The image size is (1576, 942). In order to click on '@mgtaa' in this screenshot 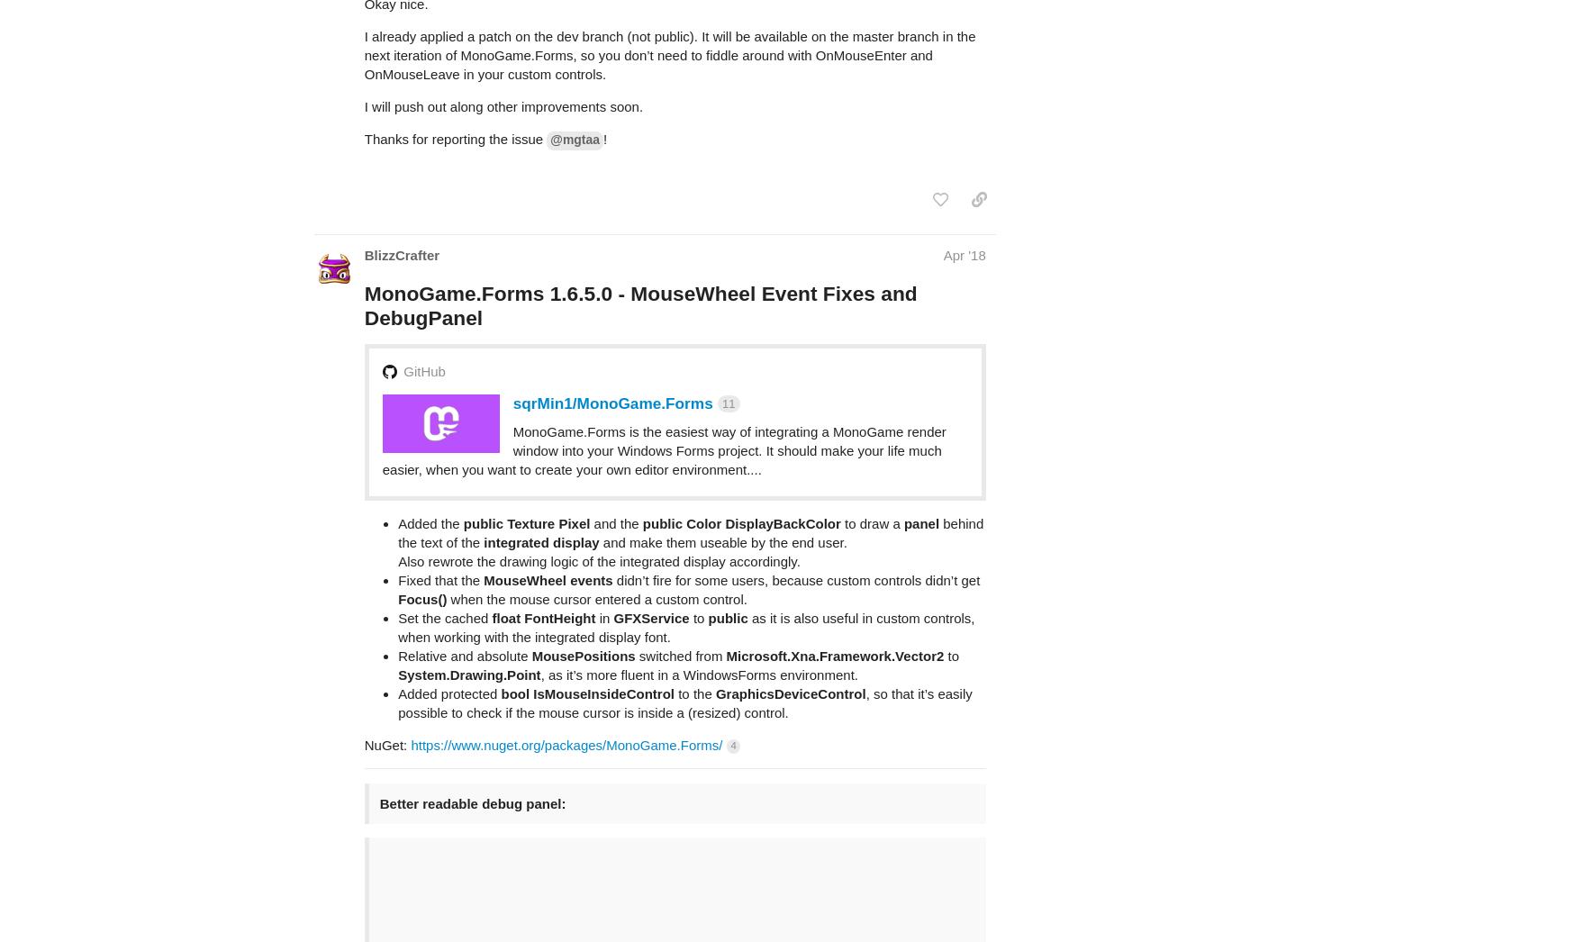, I will do `click(549, 68)`.